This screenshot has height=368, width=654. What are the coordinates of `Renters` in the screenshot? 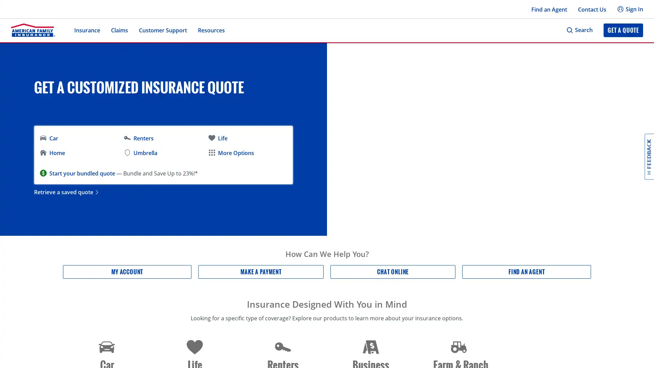 It's located at (138, 138).